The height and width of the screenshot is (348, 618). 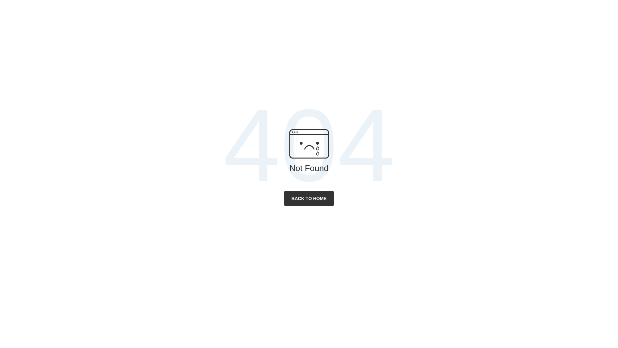 What do you see at coordinates (308, 198) in the screenshot?
I see `'BACK TO HOME'` at bounding box center [308, 198].